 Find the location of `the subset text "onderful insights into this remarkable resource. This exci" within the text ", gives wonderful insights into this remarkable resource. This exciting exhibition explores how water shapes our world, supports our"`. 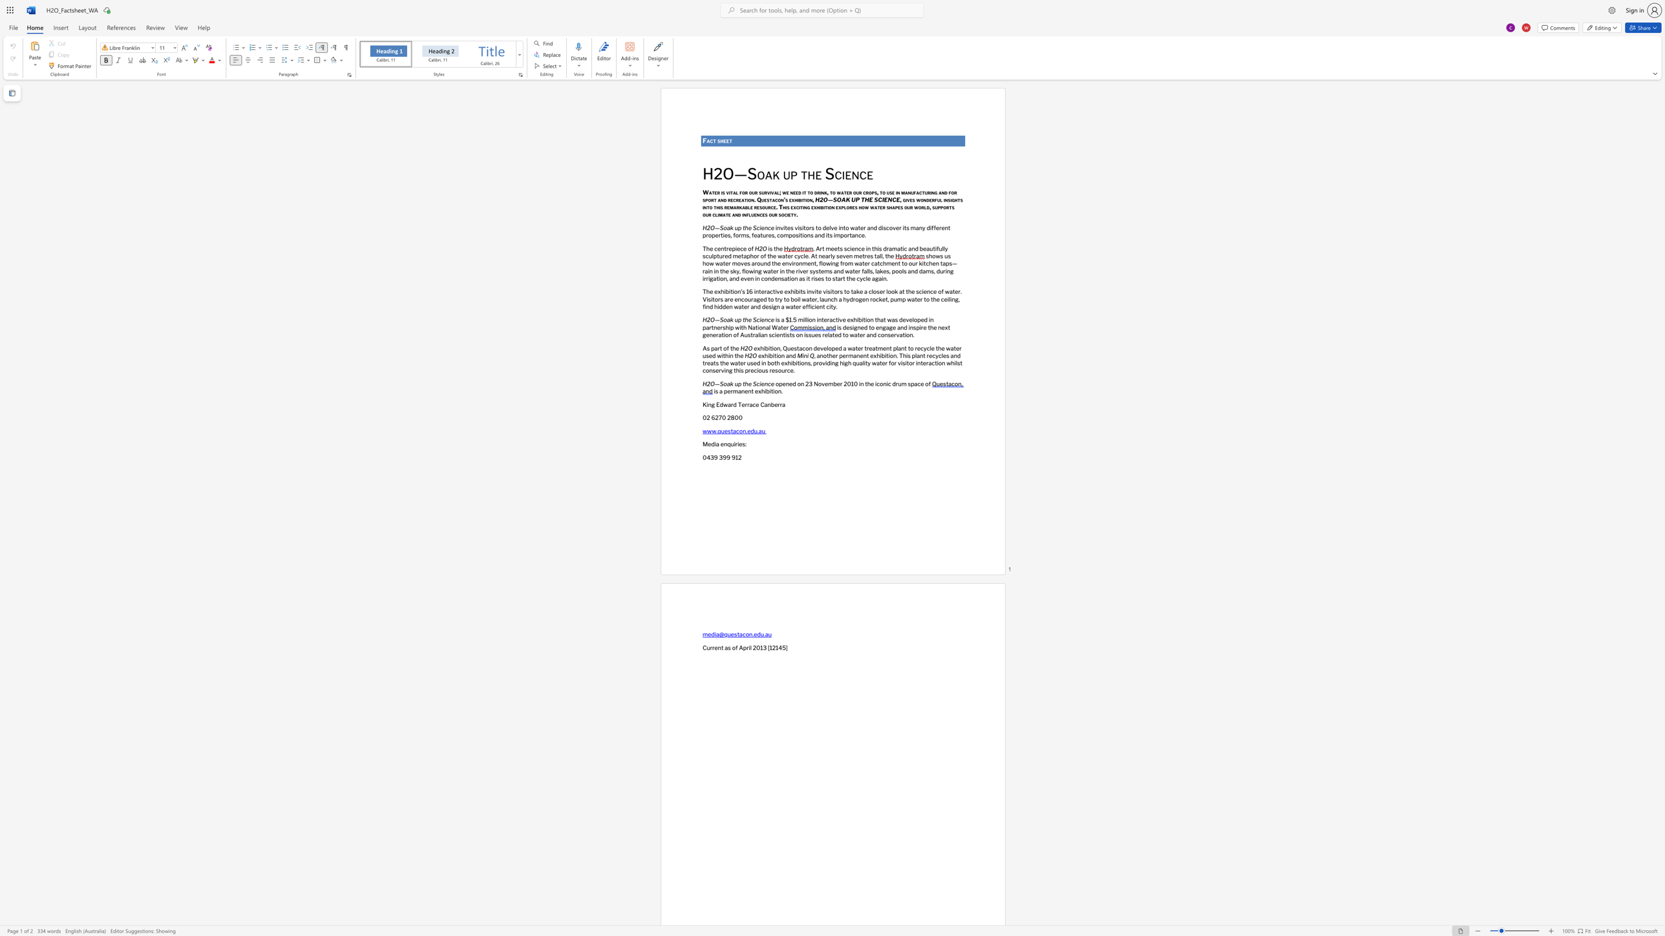

the subset text "onderful insights into this remarkable resource. This exci" within the text ", gives wonderful insights into this remarkable resource. This exciting exhibition explores how water shapes our world, supports our" is located at coordinates (920, 199).